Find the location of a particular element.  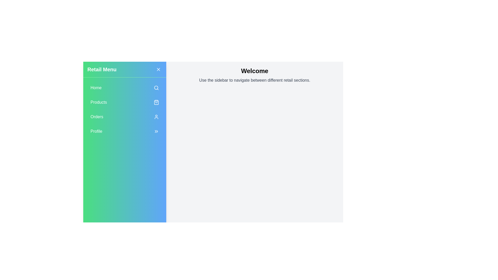

the search icon located to the right of the 'Home' option in the 'Retail Menu' sidebar is located at coordinates (156, 88).